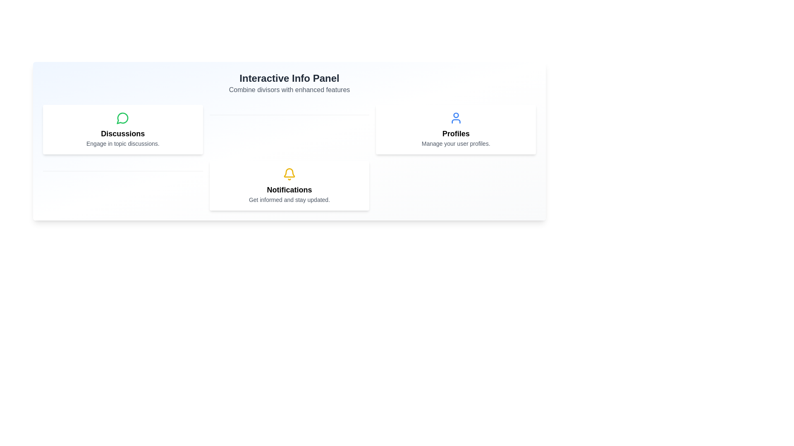 The image size is (794, 446). I want to click on the upper part of the user profile icon represented, so click(455, 115).